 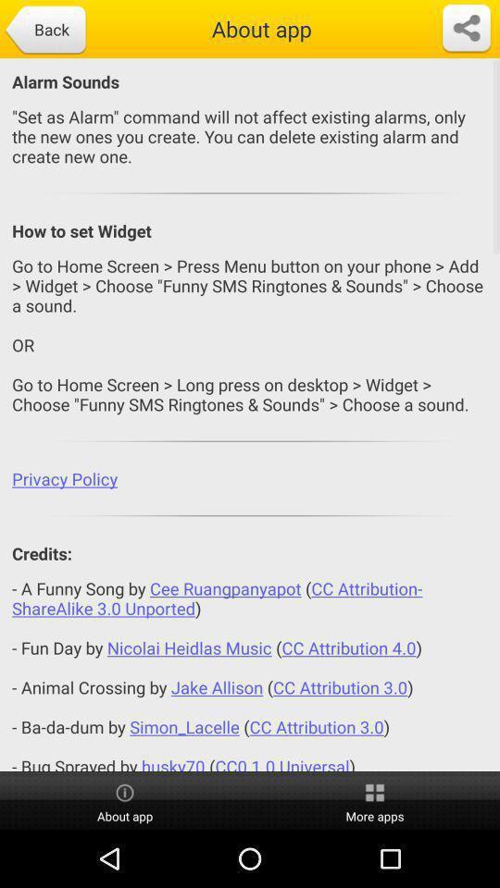 What do you see at coordinates (375, 800) in the screenshot?
I see `the item to the right of about app icon` at bounding box center [375, 800].